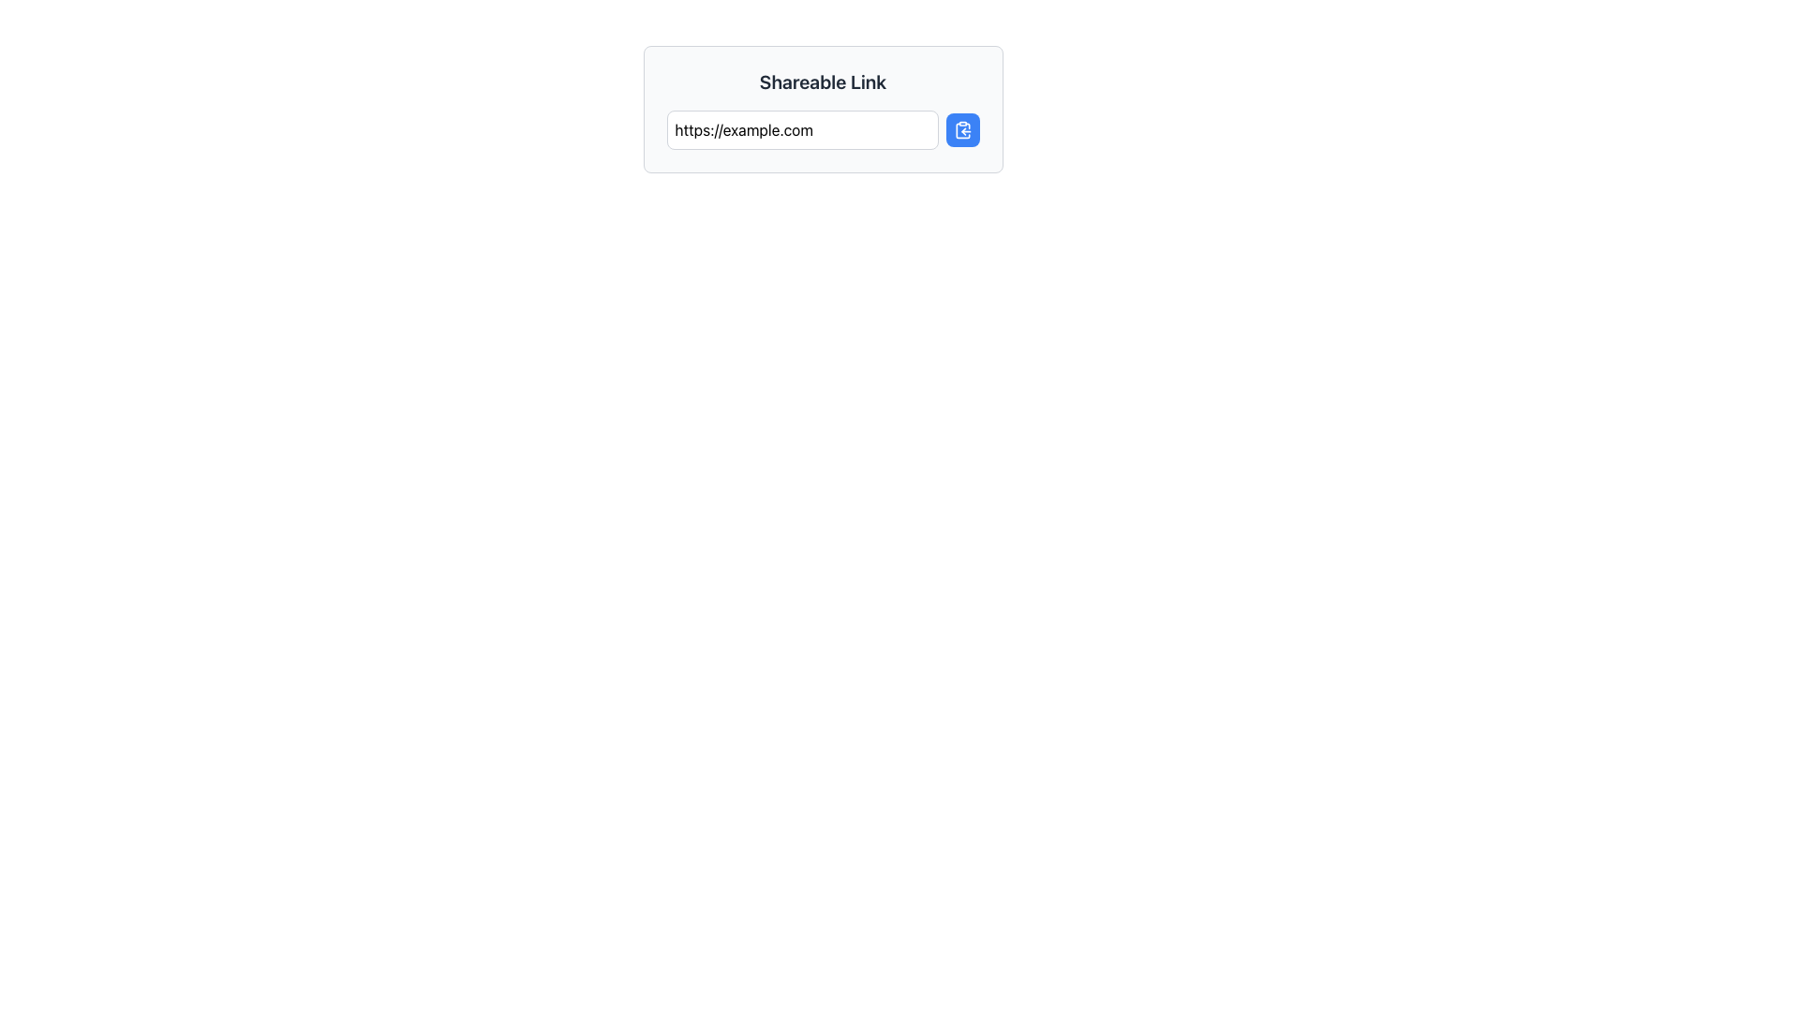 The height and width of the screenshot is (1012, 1799). Describe the element at coordinates (962, 128) in the screenshot. I see `the blue button with white text that has a clipboard icon, positioned to the right of the text input field` at that location.